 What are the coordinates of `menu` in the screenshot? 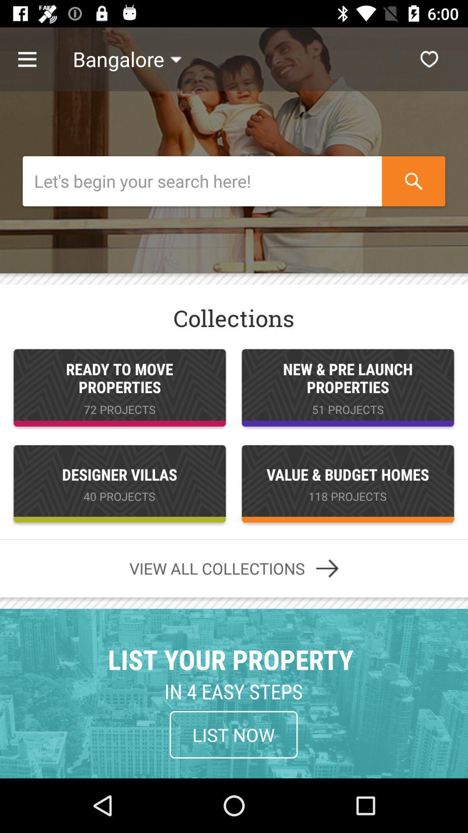 It's located at (36, 59).